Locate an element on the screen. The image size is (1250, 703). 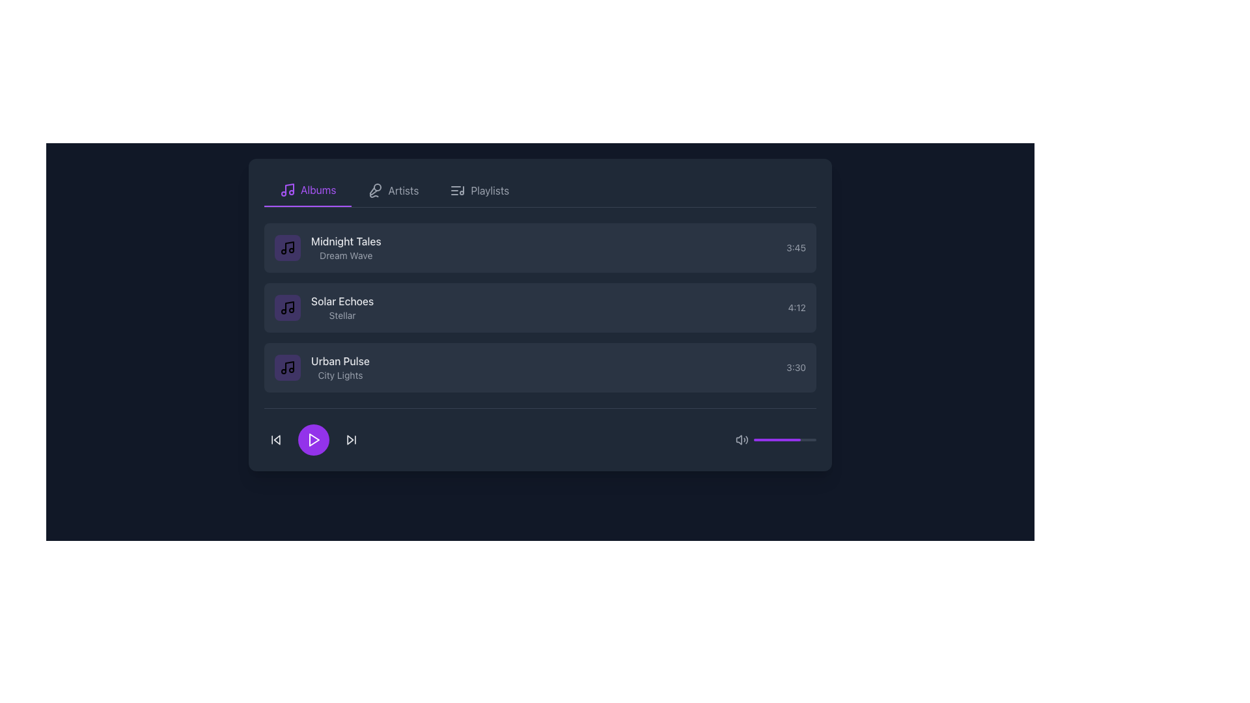
the 'skip back' icon button, which is a small icon with a triangular arrow pointing left is located at coordinates (275, 439).